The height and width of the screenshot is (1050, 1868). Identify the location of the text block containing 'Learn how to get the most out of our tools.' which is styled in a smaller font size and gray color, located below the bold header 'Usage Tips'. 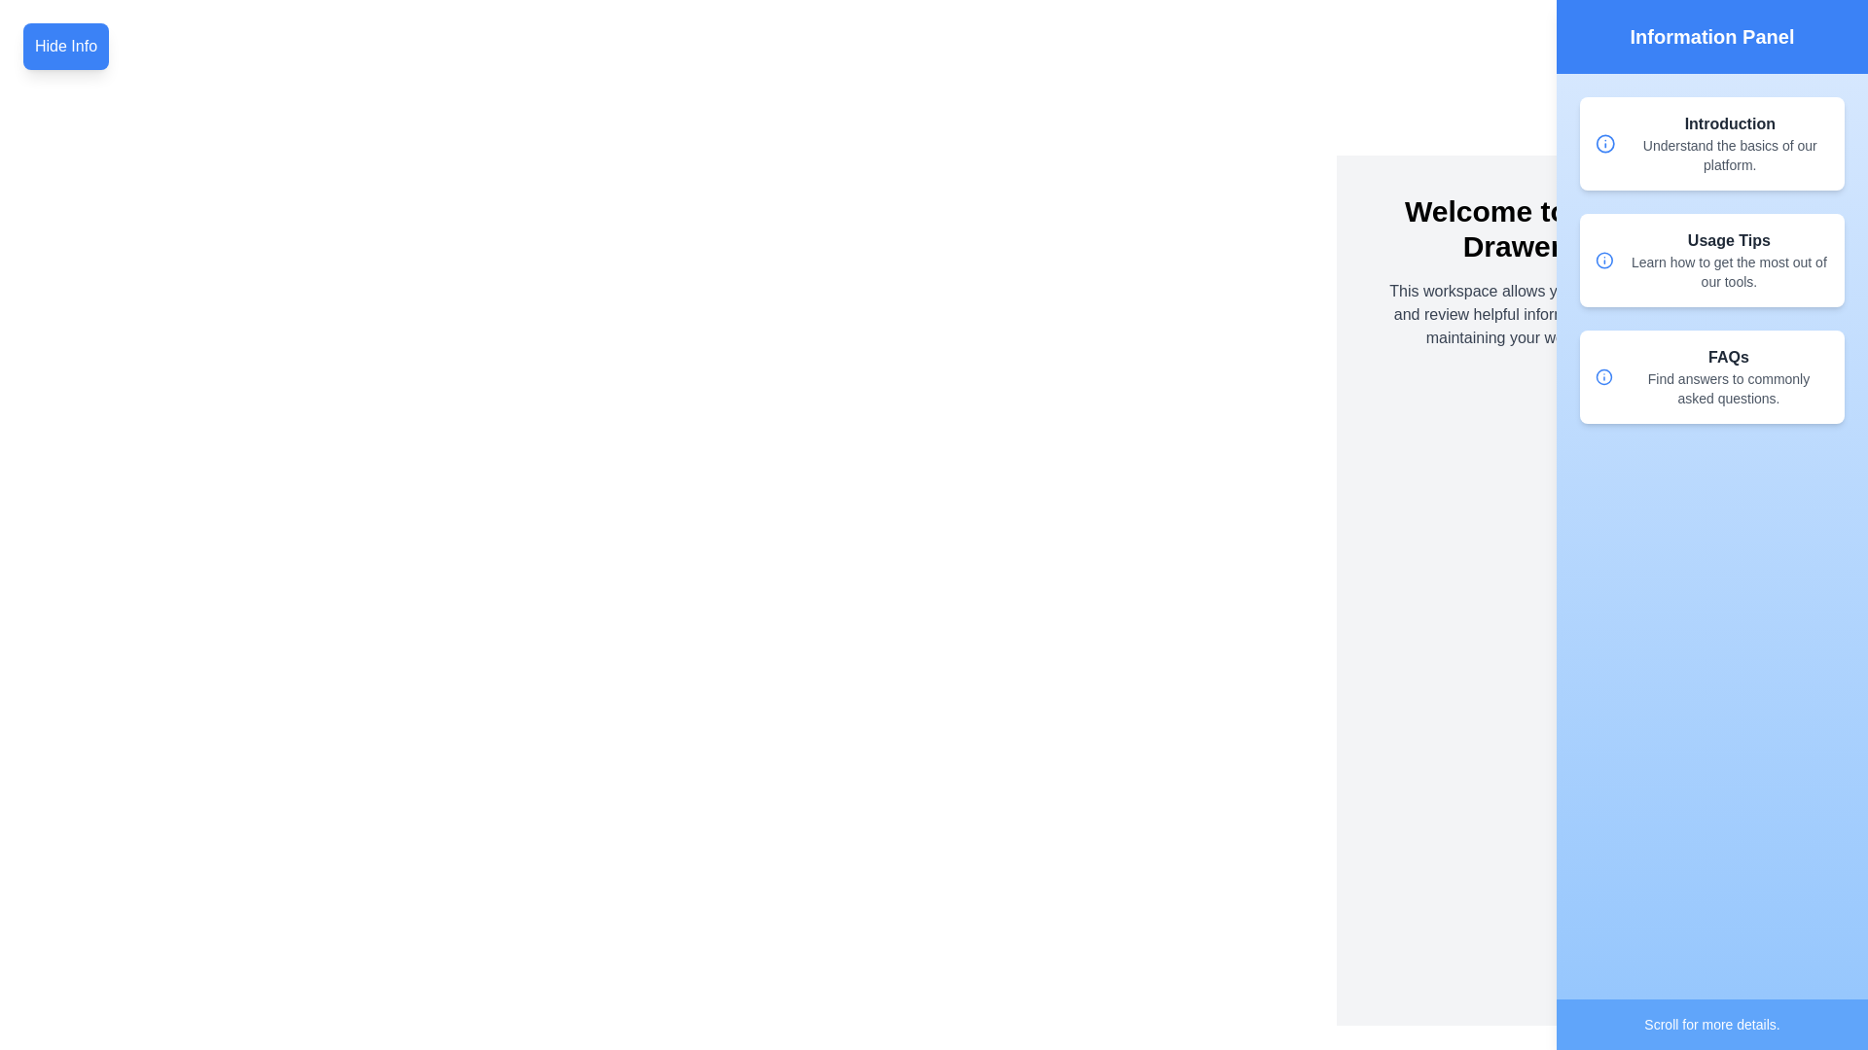
(1729, 272).